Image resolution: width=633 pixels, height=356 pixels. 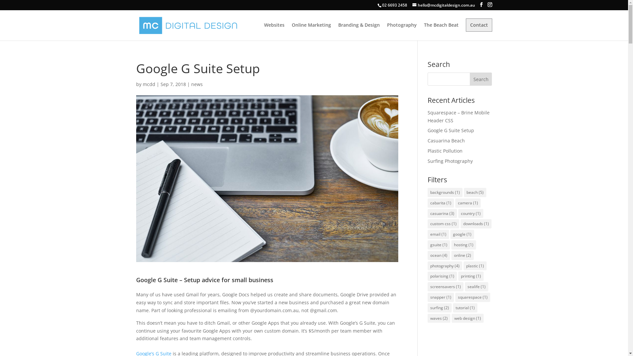 I want to click on 'screensavers (1)', so click(x=445, y=286).